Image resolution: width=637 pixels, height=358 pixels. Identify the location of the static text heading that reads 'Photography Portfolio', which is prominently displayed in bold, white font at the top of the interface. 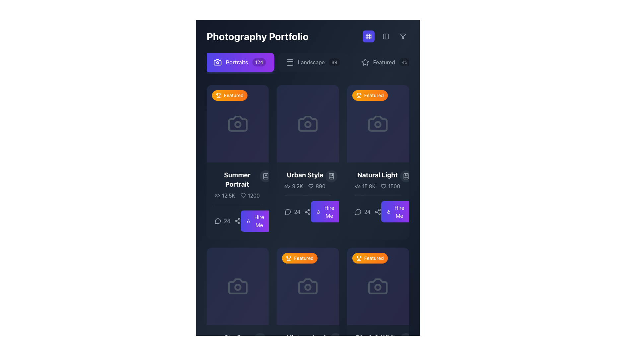
(307, 36).